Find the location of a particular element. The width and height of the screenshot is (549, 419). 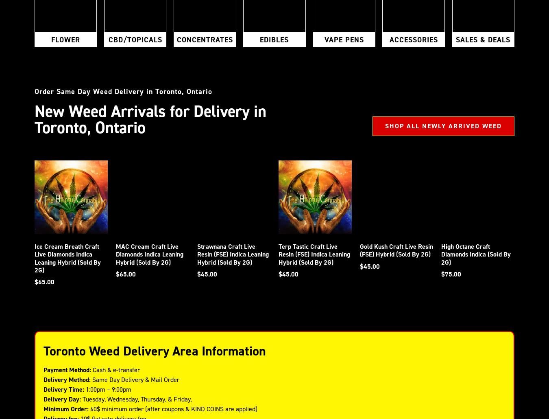

'SHOP ALL NEWLY ARRIVED WEED' is located at coordinates (443, 126).